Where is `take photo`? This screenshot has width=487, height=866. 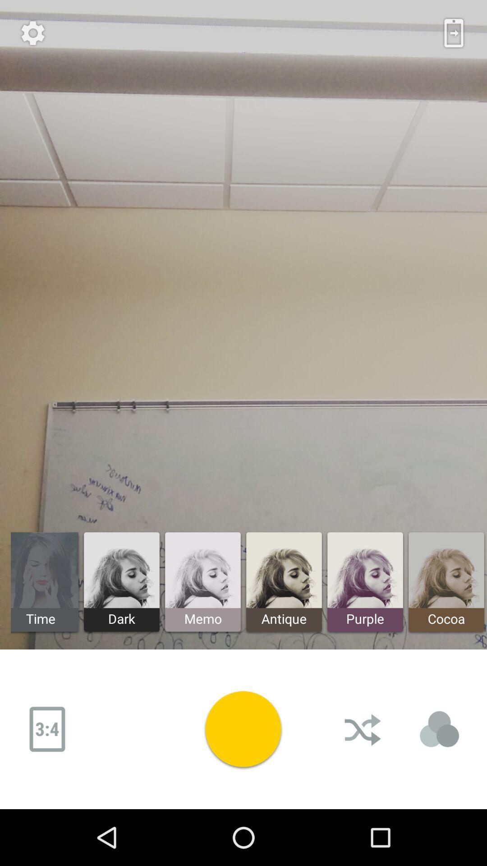 take photo is located at coordinates (243, 729).